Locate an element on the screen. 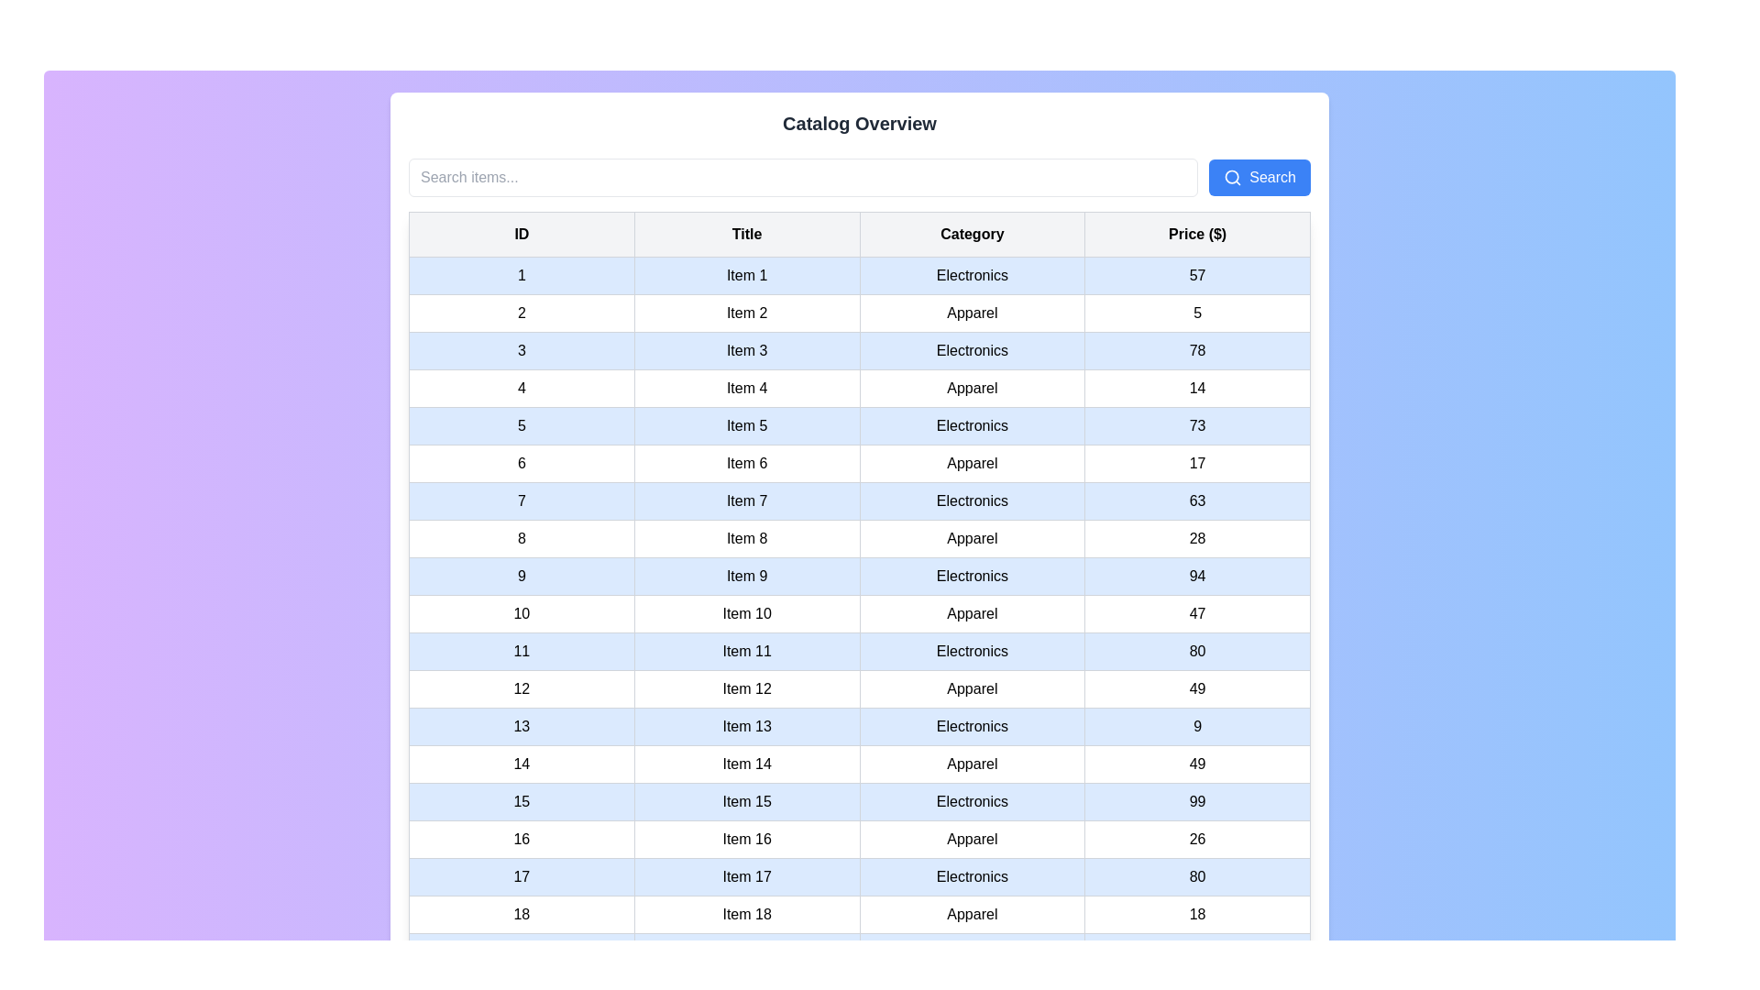 This screenshot has width=1760, height=990. the text label displaying '11' in bold, which is located in the leftmost column of the 11th row of the grid layout in the catalog view, on a light blue background is located at coordinates (521, 650).